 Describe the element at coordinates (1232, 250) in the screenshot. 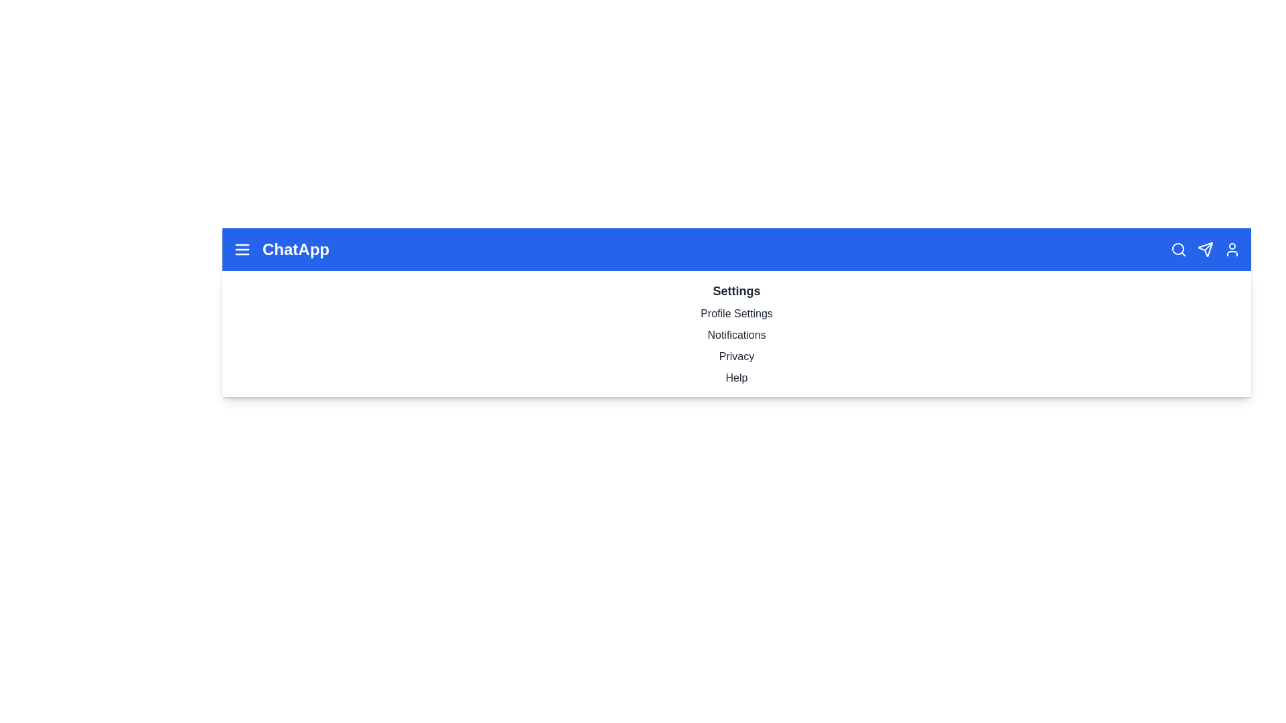

I see `the user icon to view the user profile` at that location.